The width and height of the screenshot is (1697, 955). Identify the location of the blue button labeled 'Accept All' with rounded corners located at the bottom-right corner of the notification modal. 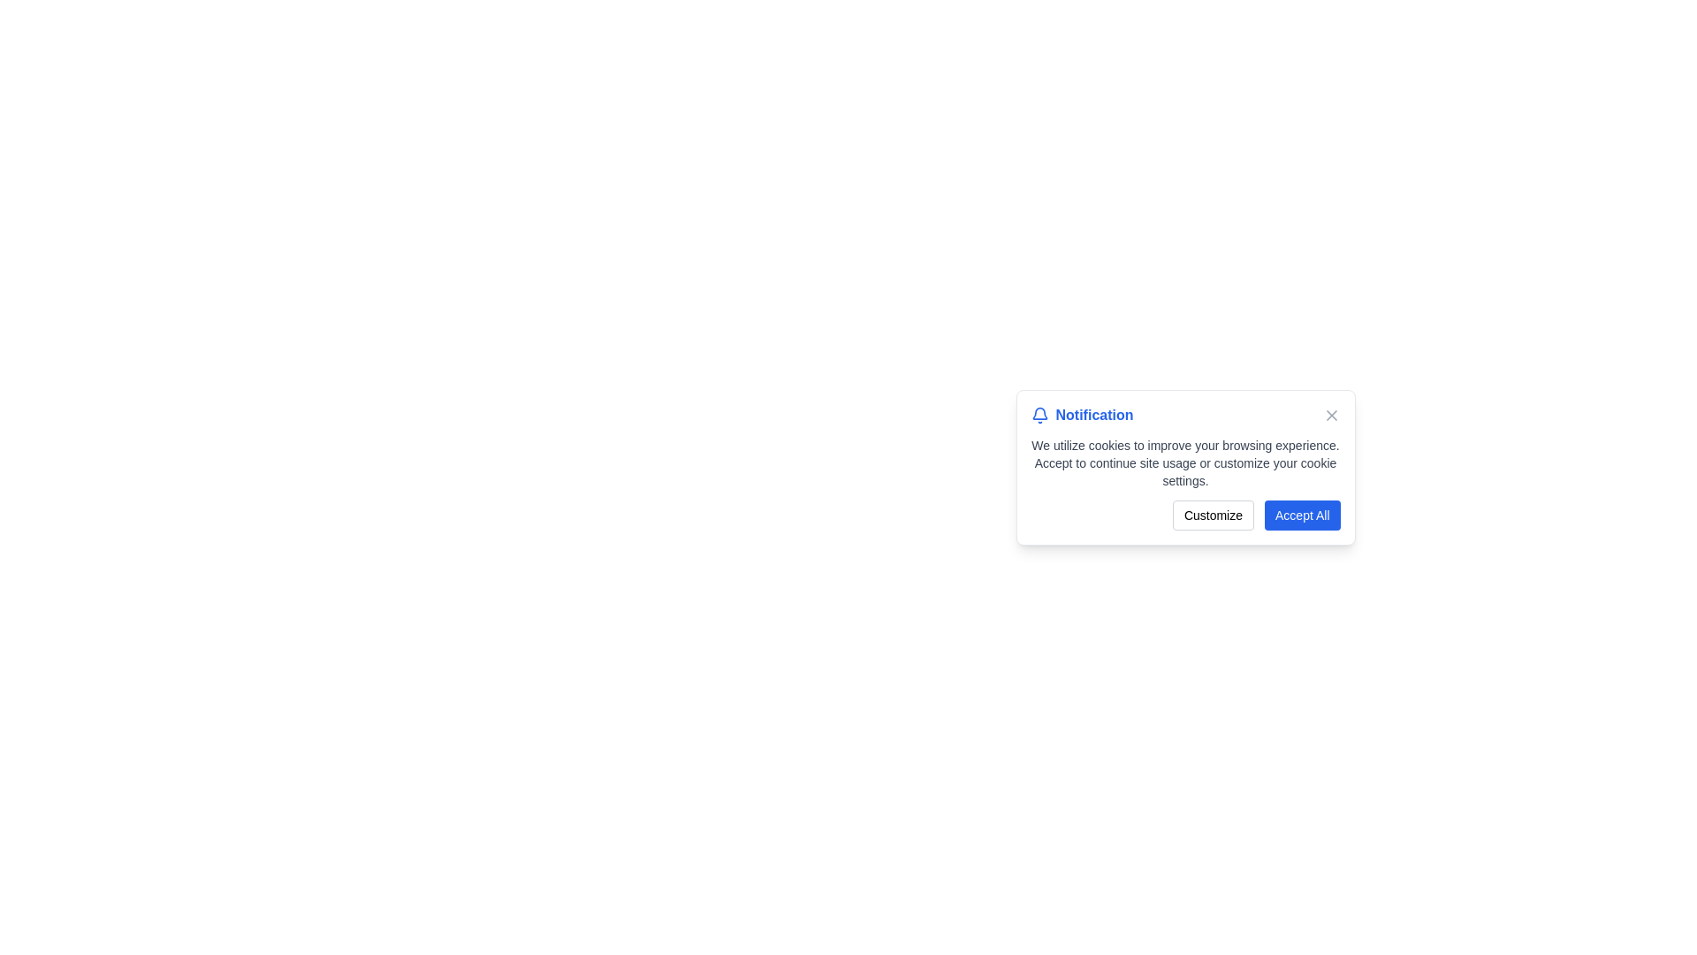
(1302, 515).